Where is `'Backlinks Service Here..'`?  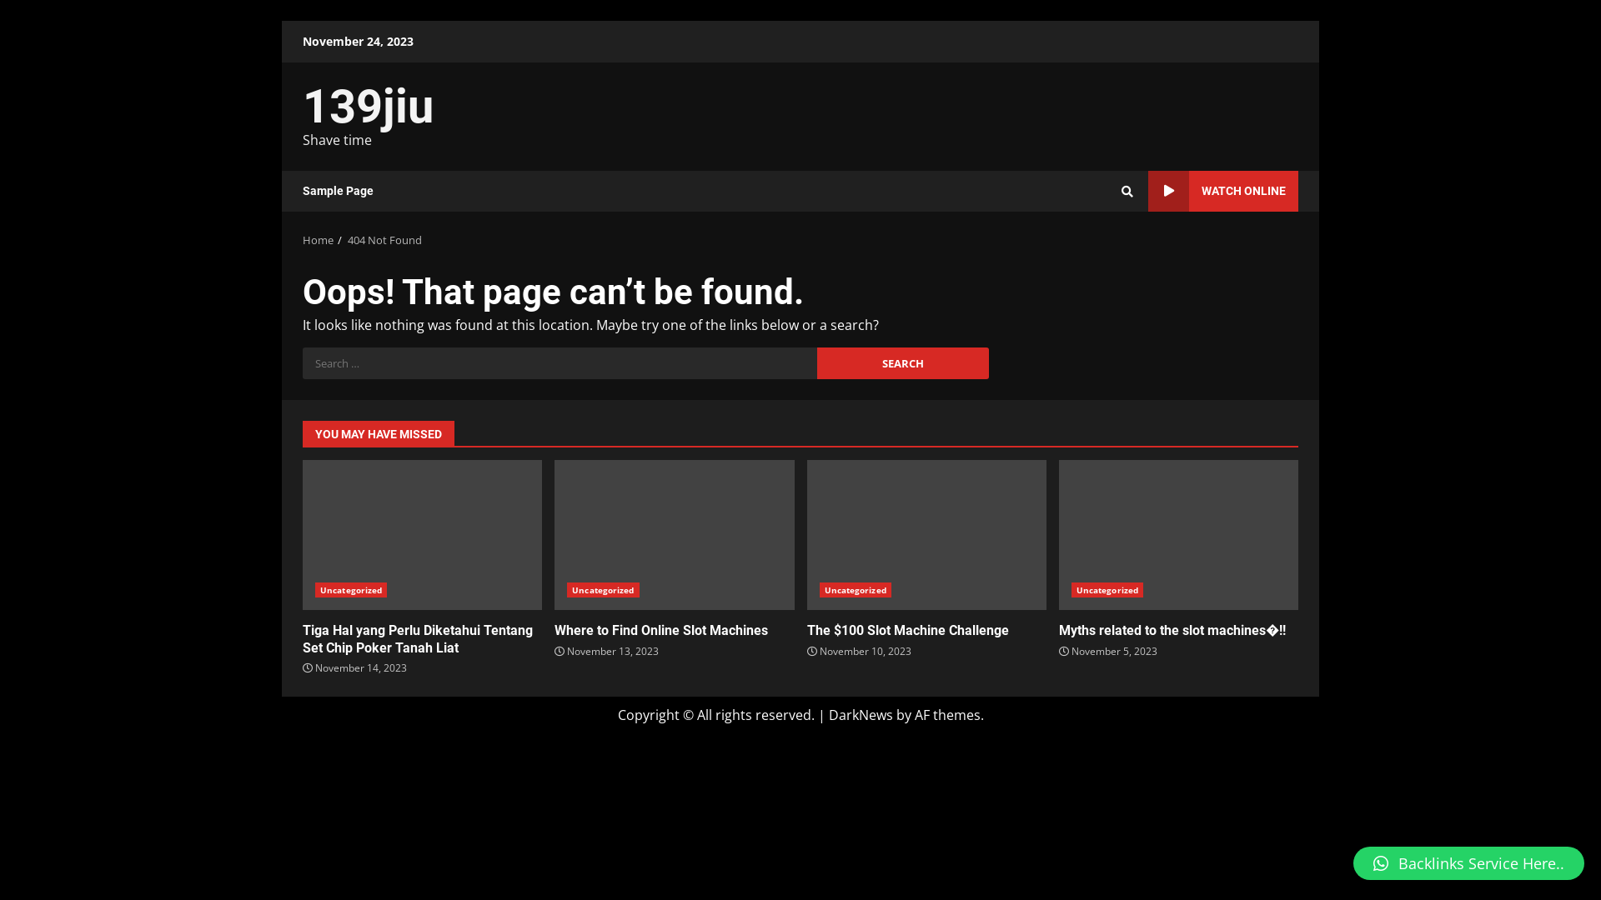
'Backlinks Service Here..' is located at coordinates (1468, 862).